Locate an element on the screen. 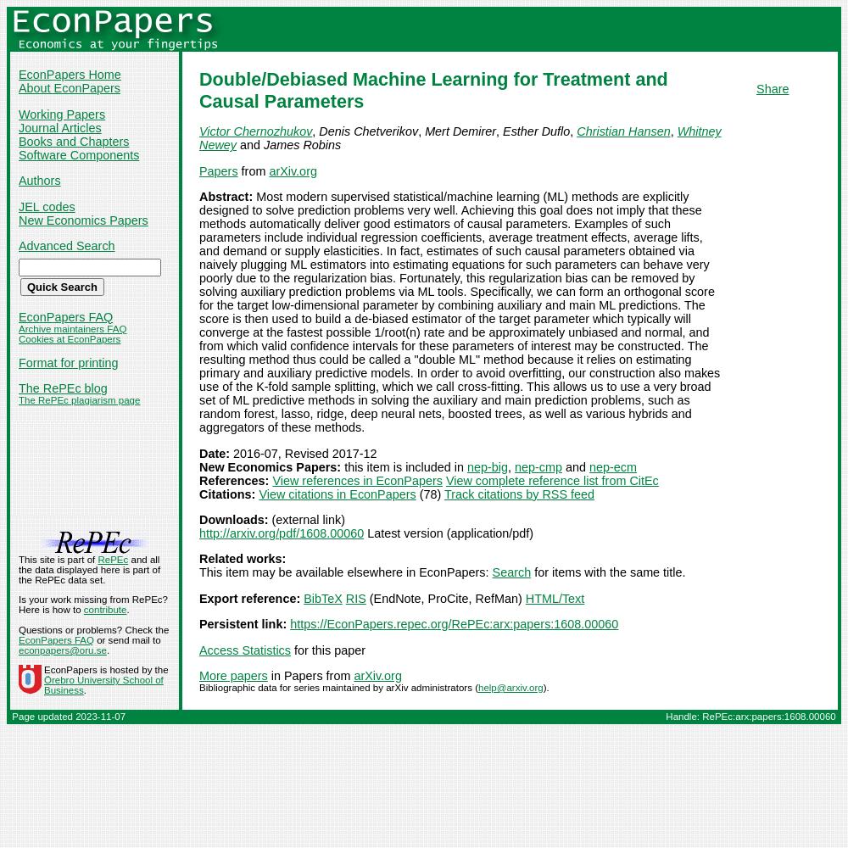 The width and height of the screenshot is (848, 848). 'Most modern supervised statistical/machine learning (ML) methods are explicitly designed to solve prediction problems very well. Achieving this goal does not imply that these methods automatically deliver good estimators of causal parameters. Examples of such parameters include individual regression coefficients, average treatment effects, average lifts, and demand or supply elasticities. In fact, estimates of such causal parameters obtained via naively plugging ML estimators into estimating equations for such parameters can behave very poorly due to the regularization bias. Fortunately, this regularization bias can be removed by solving auxiliary prediction problems via ML tools. Specifically, we can form an orthogonal score for the target low-dimensional parameter by combining auxiliary and main ML predictions. The score is then used to build a de-biased estimator of the target parameter which typically will converge at the fastest possible 1/root(n) rate and be approximately unbiased and normal, and from which valid confidence intervals for these parameters of interest may be constructed. The resulting method thus could be called a "double ML" method because it relies on estimating primary and auxiliary predictive models. In order to avoid overfitting, our construction also makes use of the K-fold sample splitting, which we call cross-fitting. This allows us to use a very broad set of ML predictive methods in solving the auxiliary and main prediction problems, such as random forest, lasso, ridge, deep neural nets, boosted trees, as well as various hybrids and aggregators of these methods.' is located at coordinates (460, 311).